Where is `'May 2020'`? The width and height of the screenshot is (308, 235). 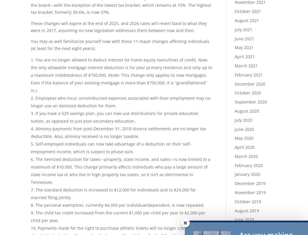
'May 2020' is located at coordinates (243, 138).